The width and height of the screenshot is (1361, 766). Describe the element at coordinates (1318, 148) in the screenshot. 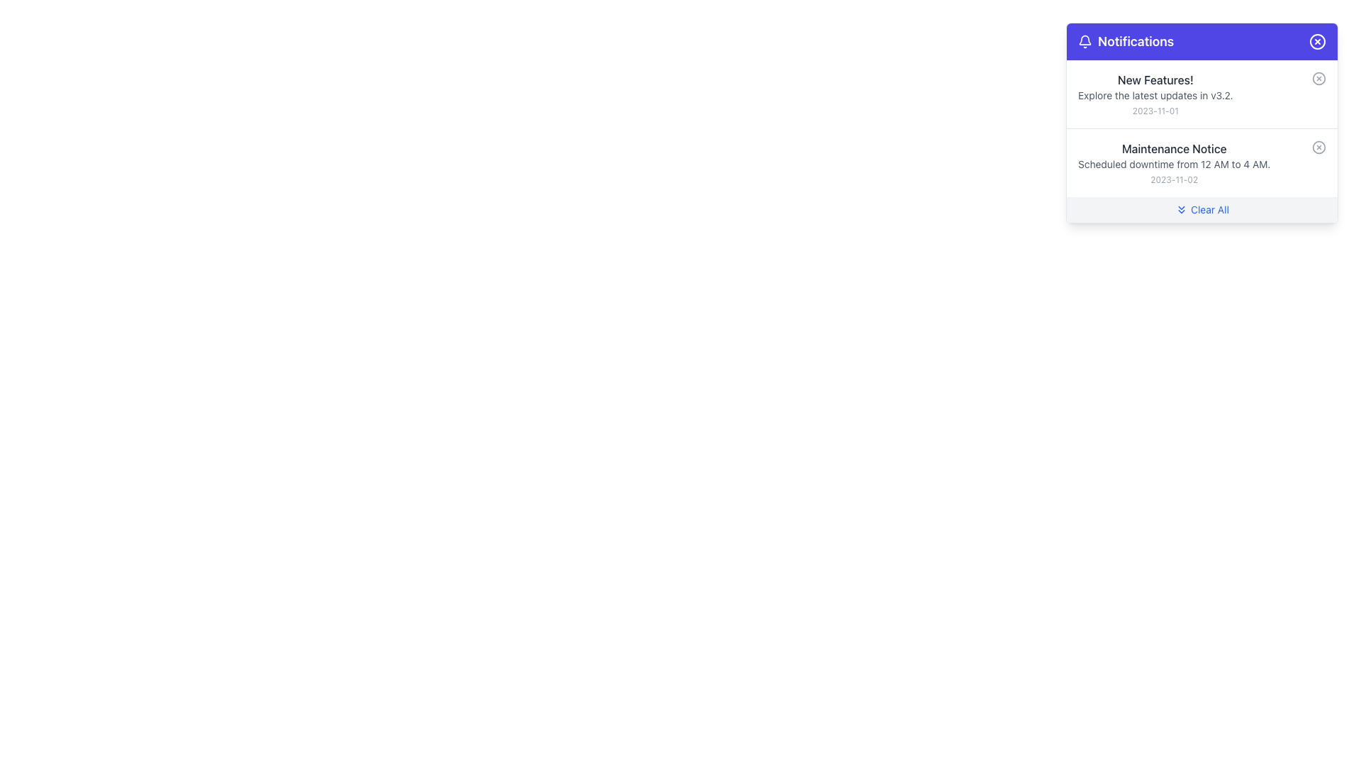

I see `the dismiss button located on the far-right side of the 'Maintenance Notice' entry in the notification panel` at that location.